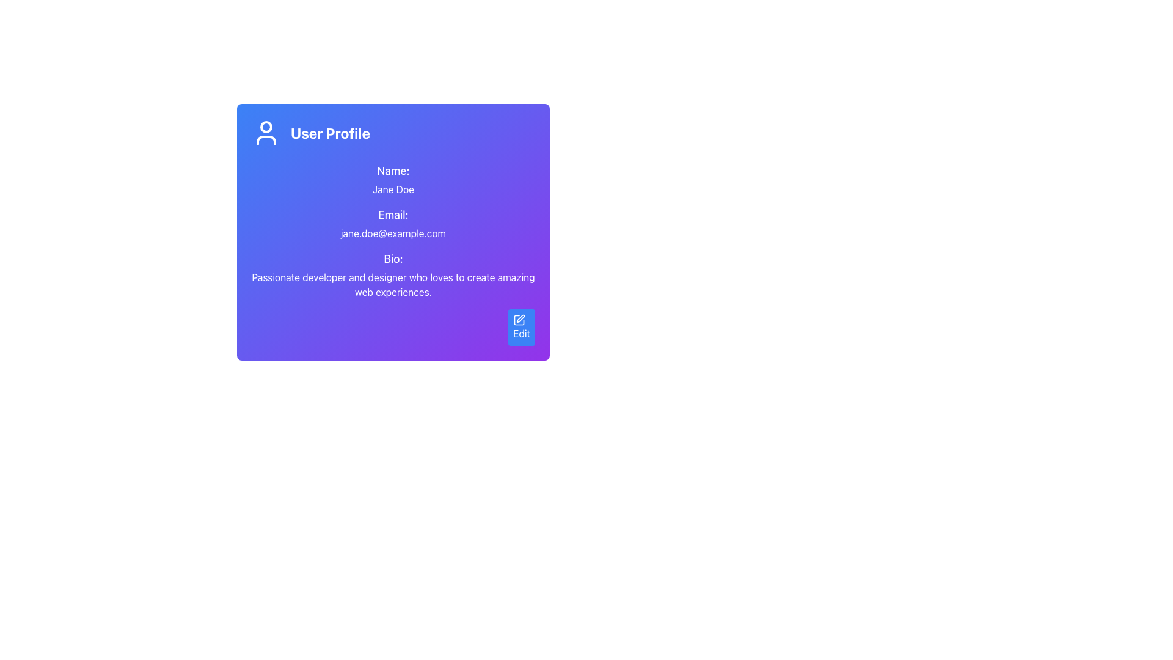  What do you see at coordinates (393, 258) in the screenshot?
I see `the text label that signifies the user's biography, located centrally above the descriptive paragraph and below the user's email information` at bounding box center [393, 258].